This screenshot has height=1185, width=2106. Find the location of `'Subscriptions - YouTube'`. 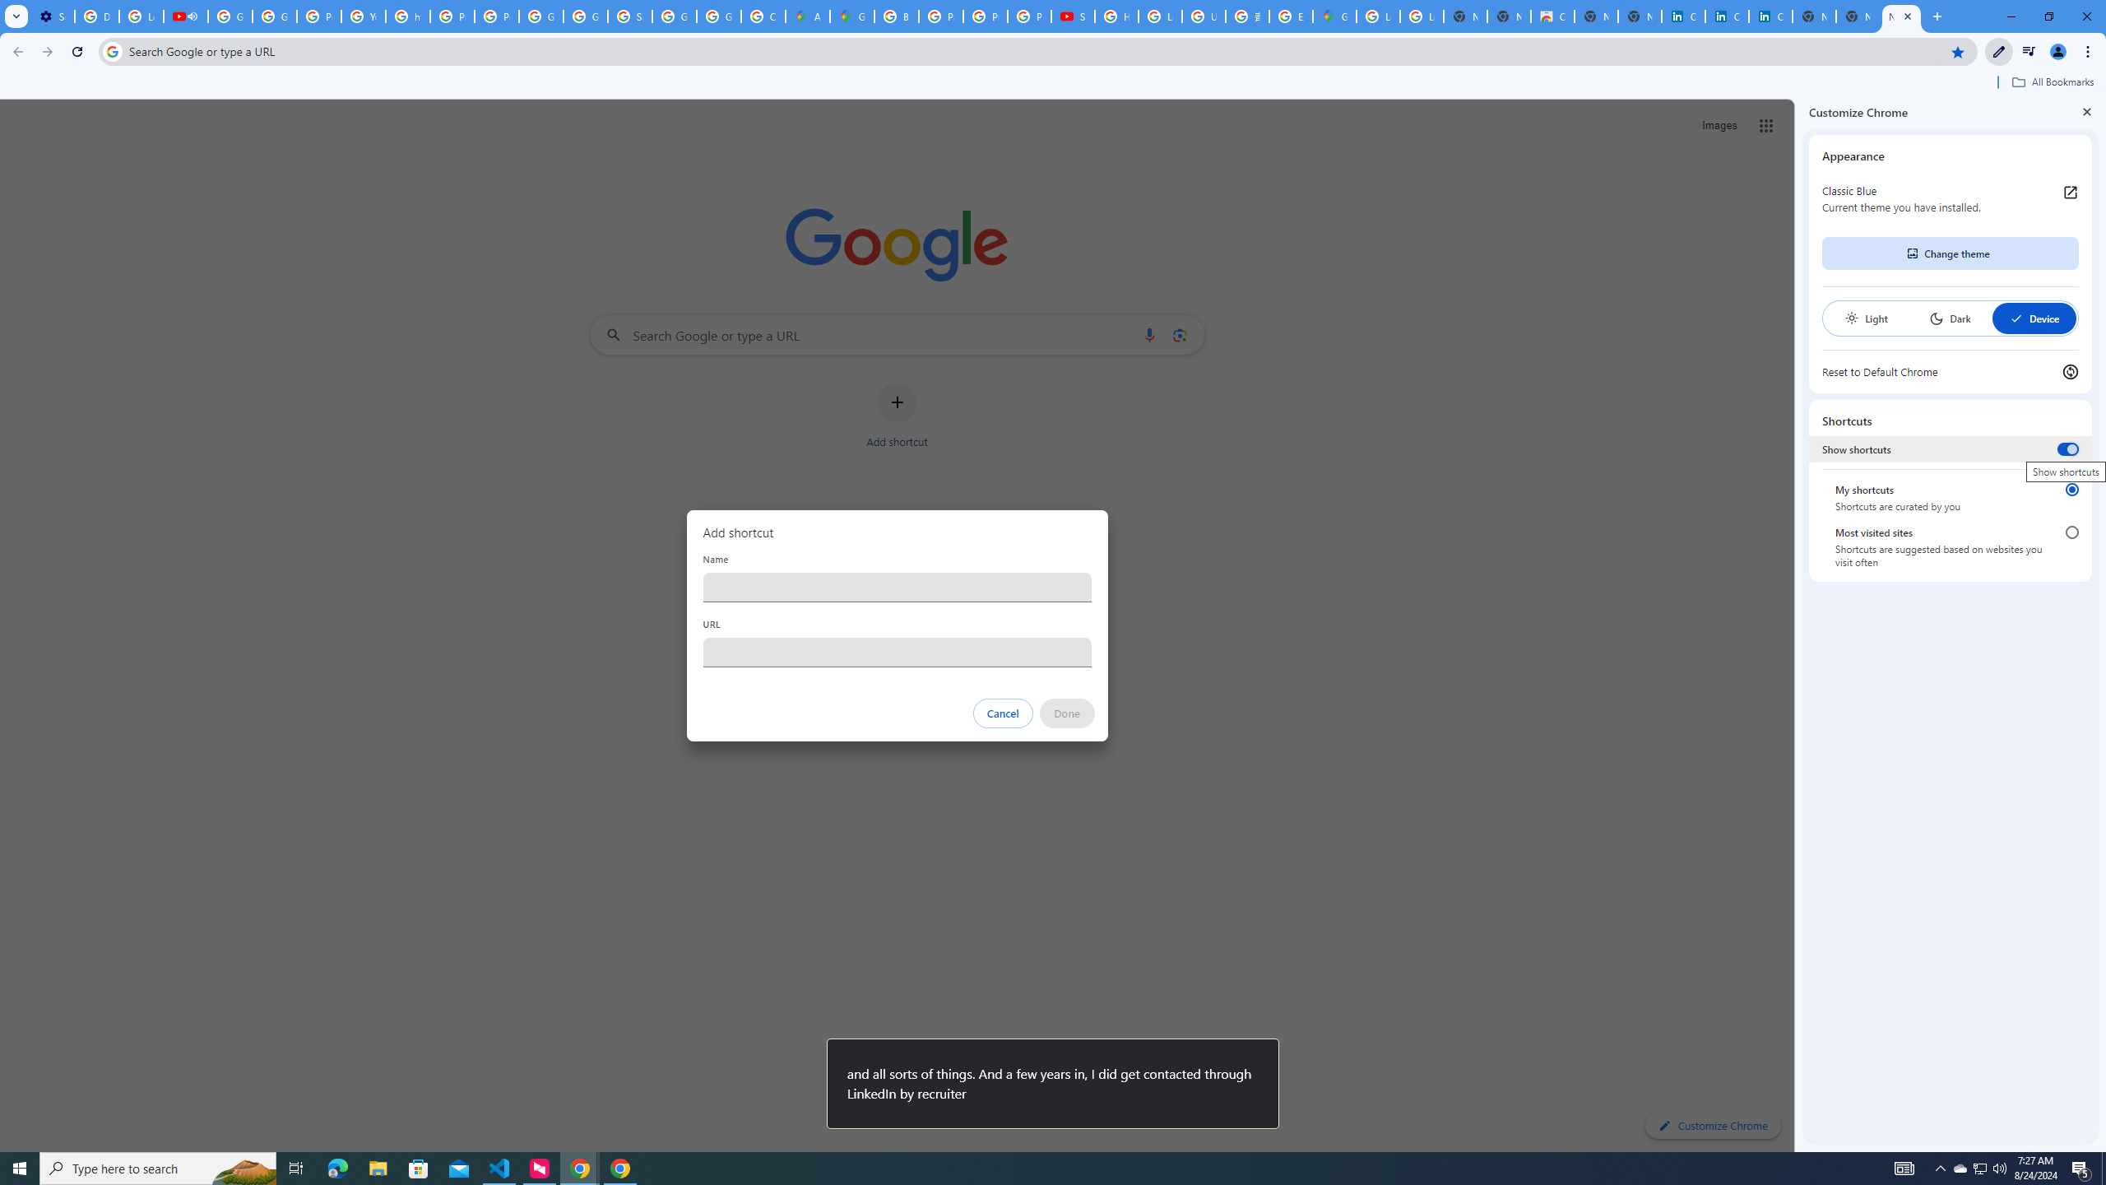

'Subscriptions - YouTube' is located at coordinates (1073, 16).